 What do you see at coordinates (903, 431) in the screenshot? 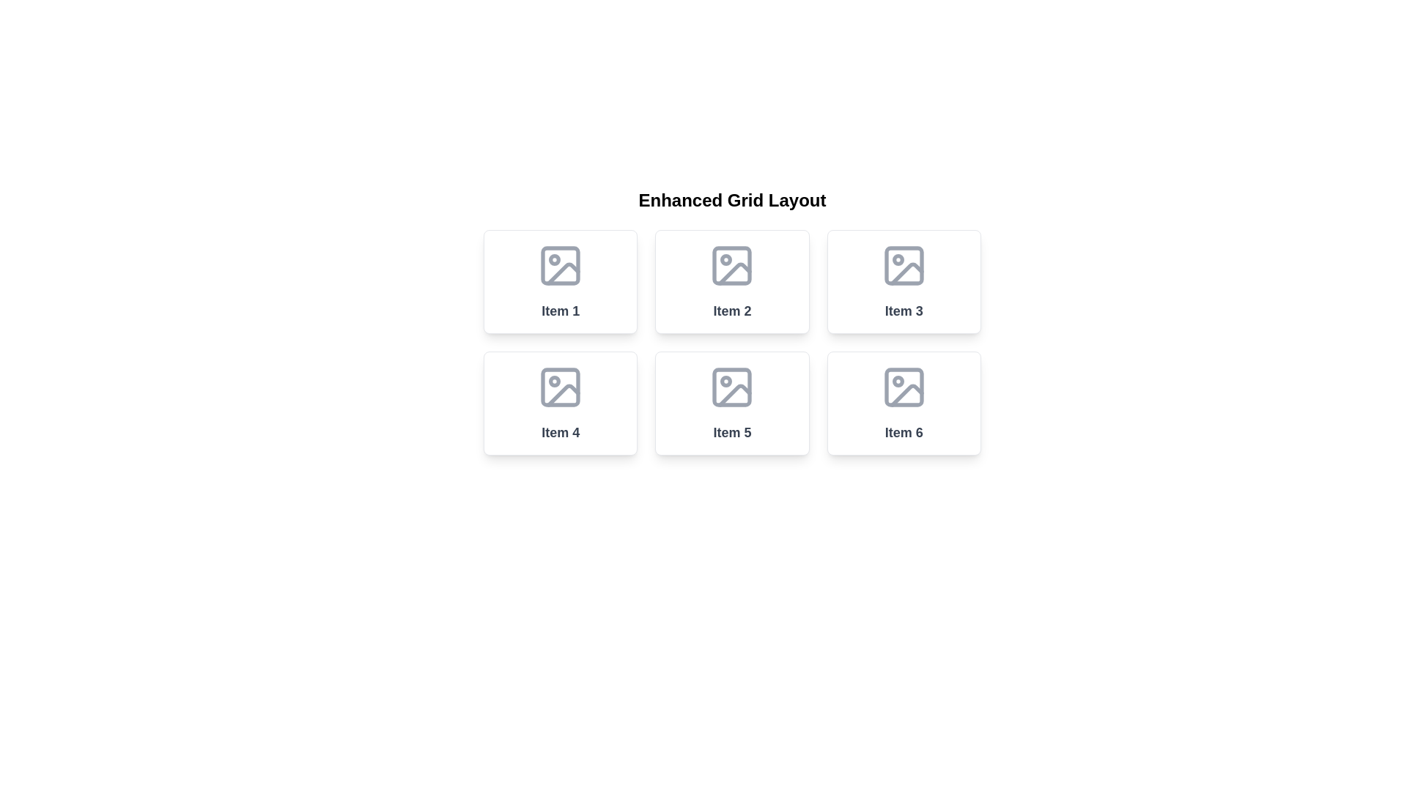
I see `on the text label displaying 'Item 6', located at the center-bottom of a card in the bottom-right corner of a grid layout` at bounding box center [903, 431].